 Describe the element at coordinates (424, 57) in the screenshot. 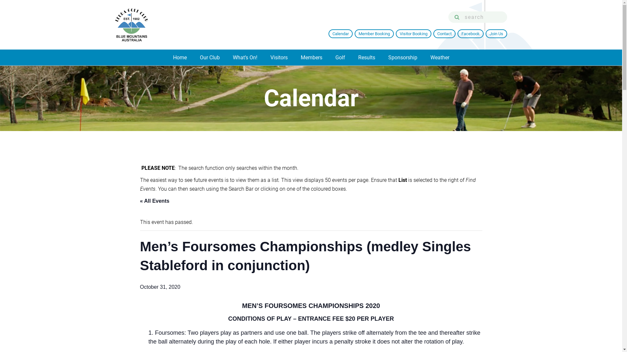

I see `'Weather'` at that location.